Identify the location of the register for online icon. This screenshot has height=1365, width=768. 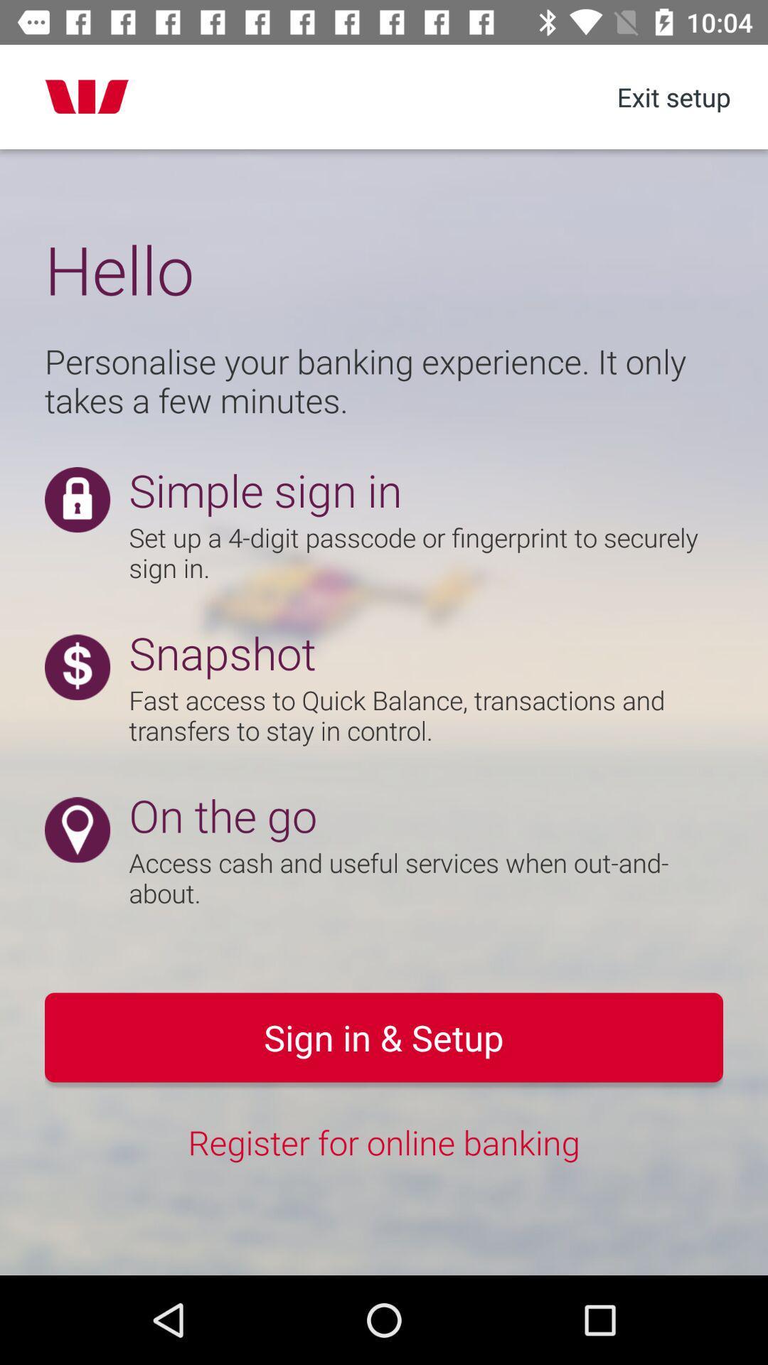
(384, 1142).